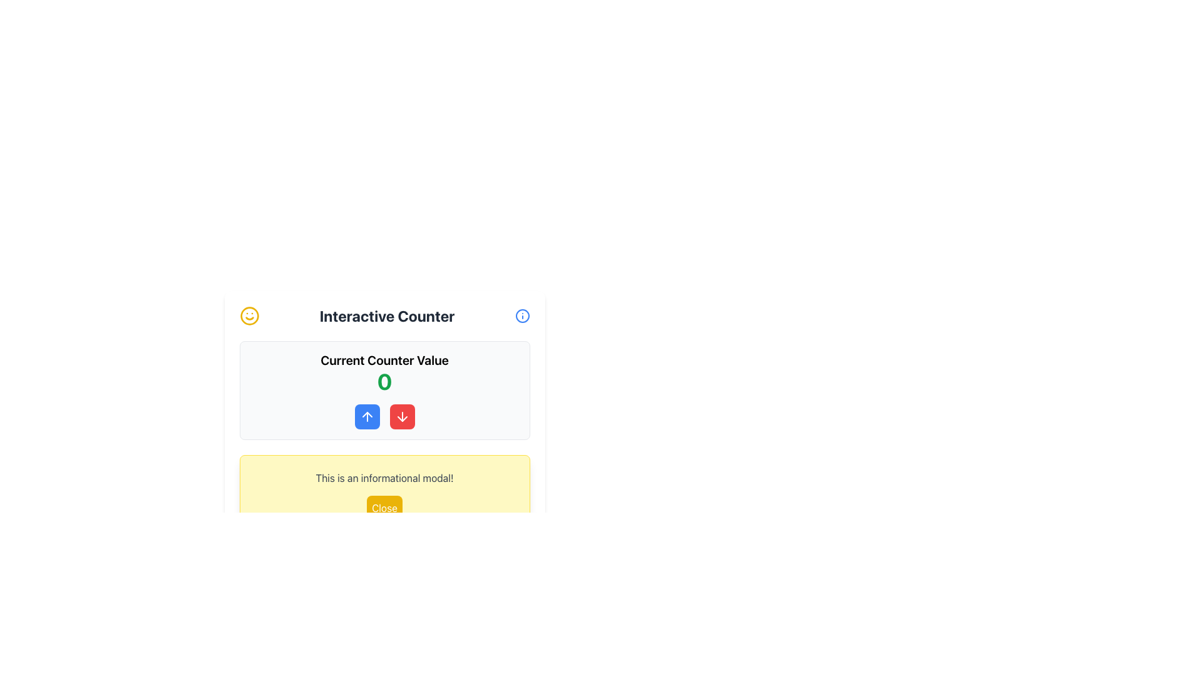 This screenshot has width=1202, height=676. I want to click on the downward arrow icon button with a red background located below the upward arrow icon to decrement the counter, so click(402, 417).